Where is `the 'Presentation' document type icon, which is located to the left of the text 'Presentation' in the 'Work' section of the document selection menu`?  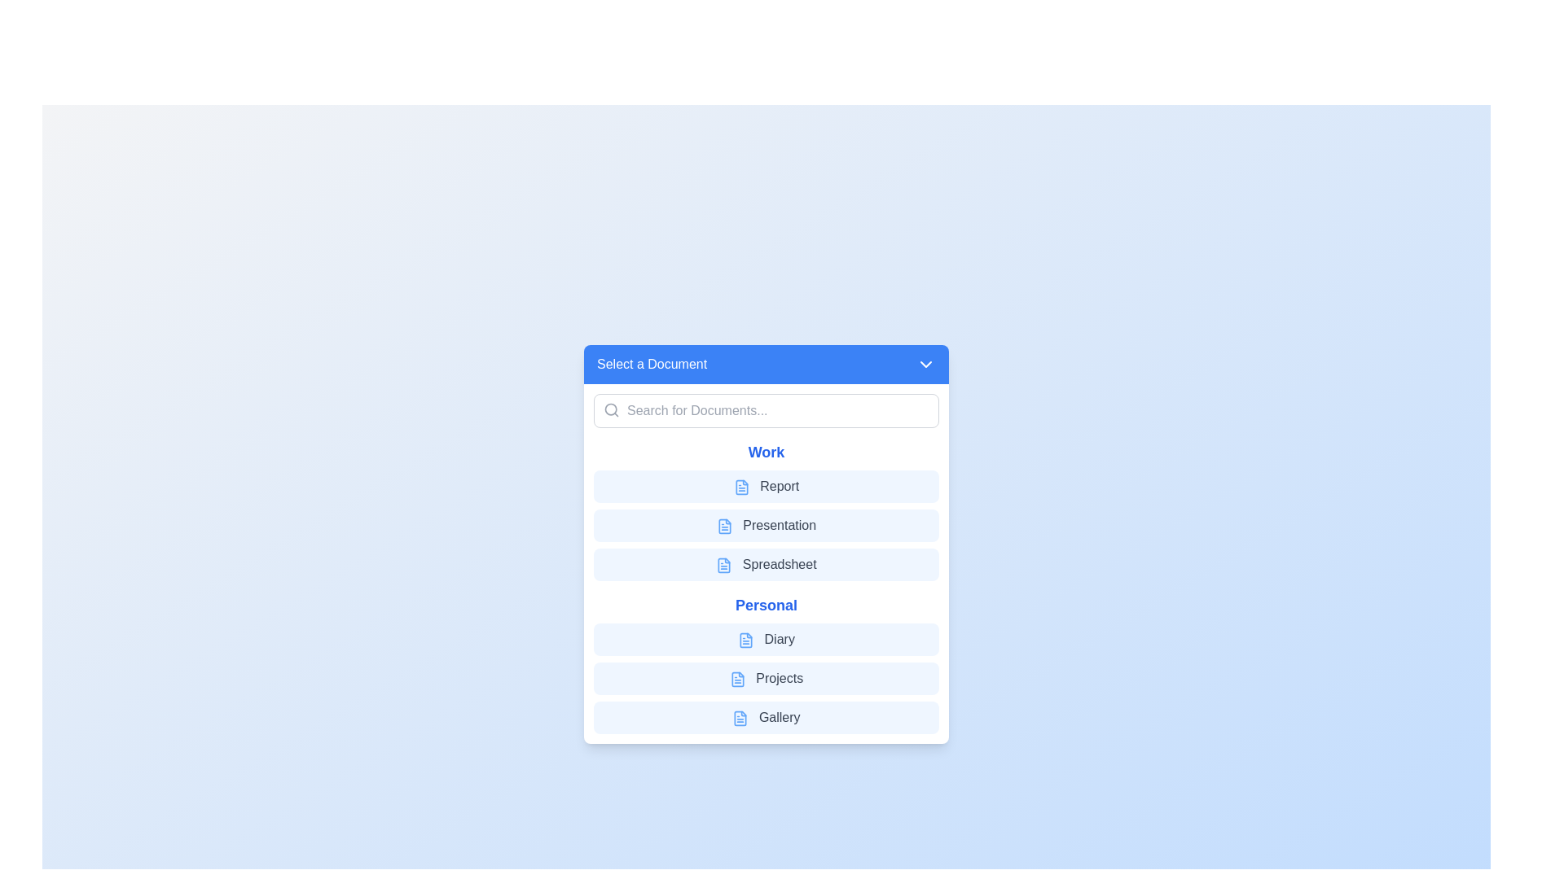
the 'Presentation' document type icon, which is located to the left of the text 'Presentation' in the 'Work' section of the document selection menu is located at coordinates (723, 526).